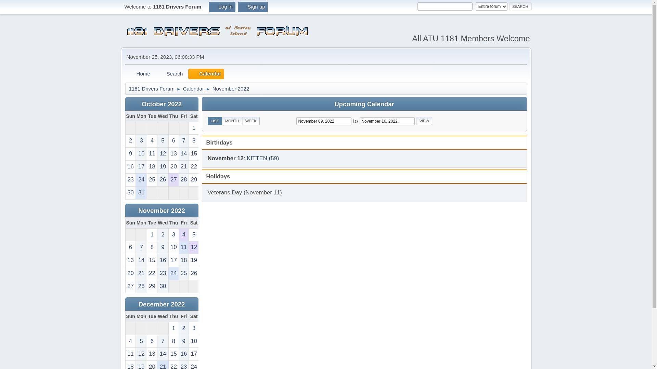 This screenshot has height=369, width=657. I want to click on '4', so click(147, 140).